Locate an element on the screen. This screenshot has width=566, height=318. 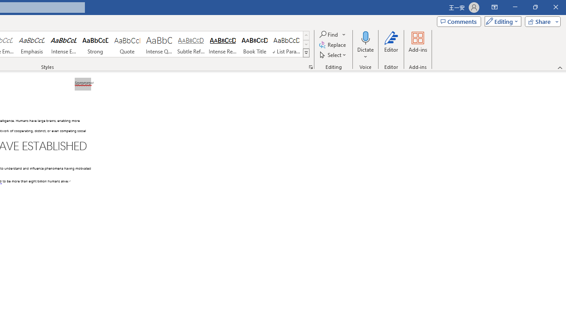
'Select' is located at coordinates (333, 55).